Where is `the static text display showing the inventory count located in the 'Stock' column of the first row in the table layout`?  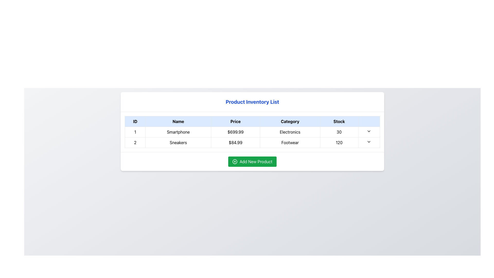
the static text display showing the inventory count located in the 'Stock' column of the first row in the table layout is located at coordinates (339, 132).